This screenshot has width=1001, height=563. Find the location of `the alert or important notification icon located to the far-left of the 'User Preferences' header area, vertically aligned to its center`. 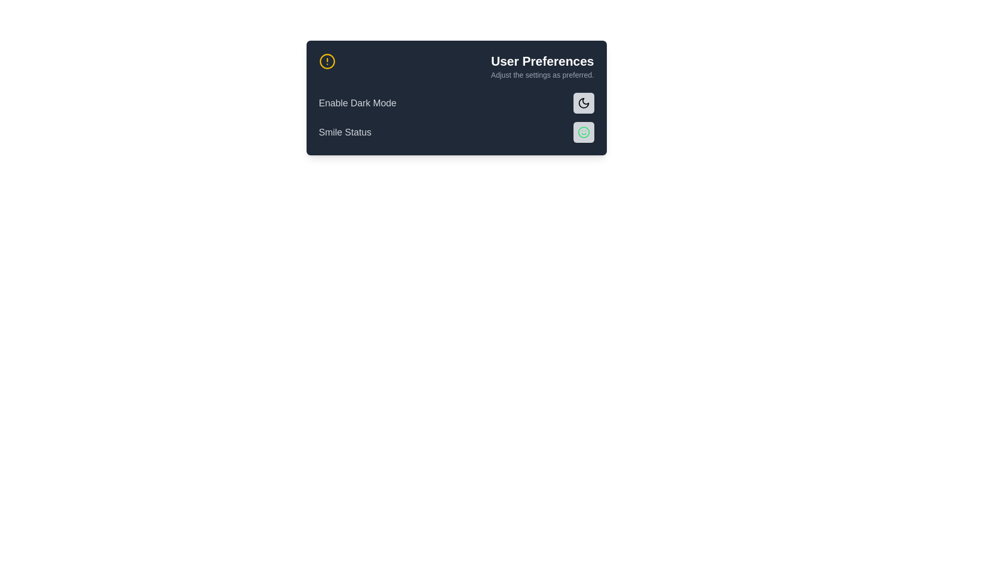

the alert or important notification icon located to the far-left of the 'User Preferences' header area, vertically aligned to its center is located at coordinates (326, 62).